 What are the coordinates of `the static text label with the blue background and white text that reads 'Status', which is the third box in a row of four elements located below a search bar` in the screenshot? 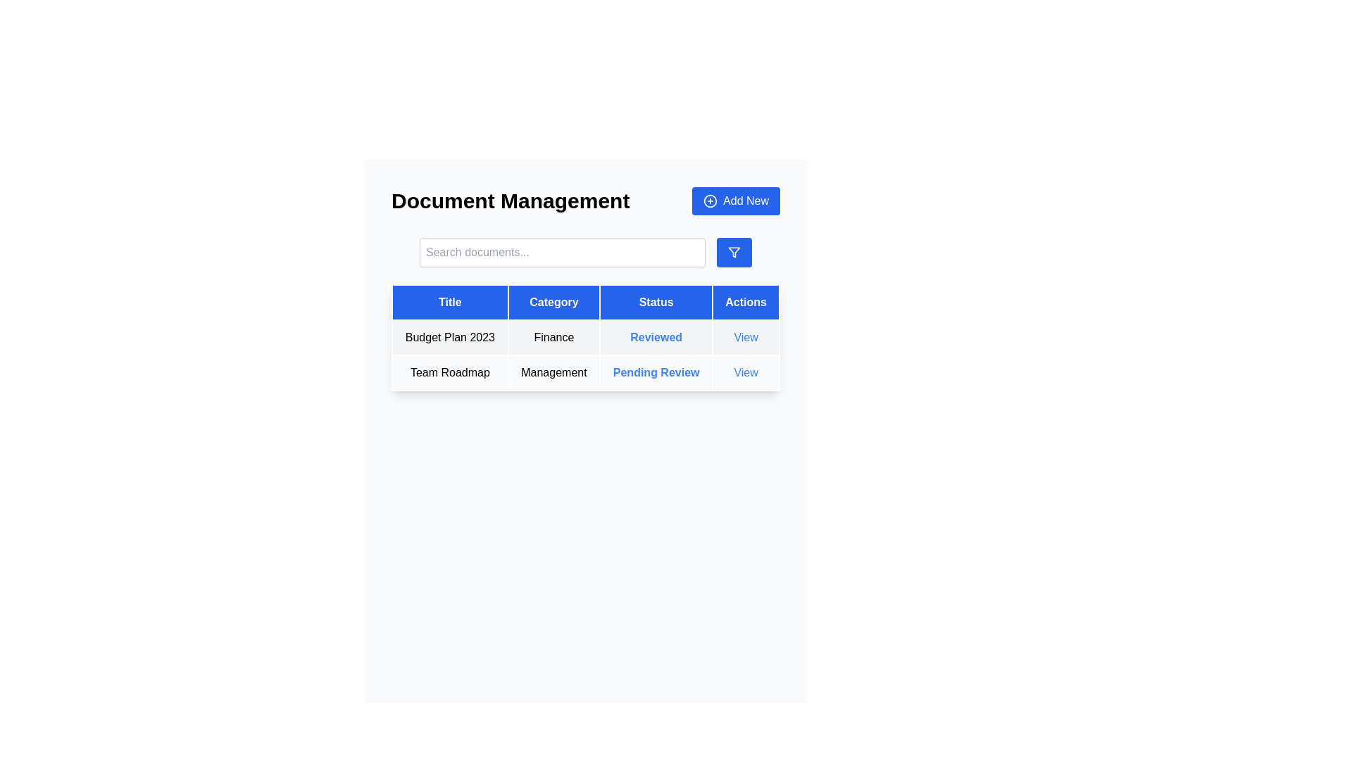 It's located at (656, 301).